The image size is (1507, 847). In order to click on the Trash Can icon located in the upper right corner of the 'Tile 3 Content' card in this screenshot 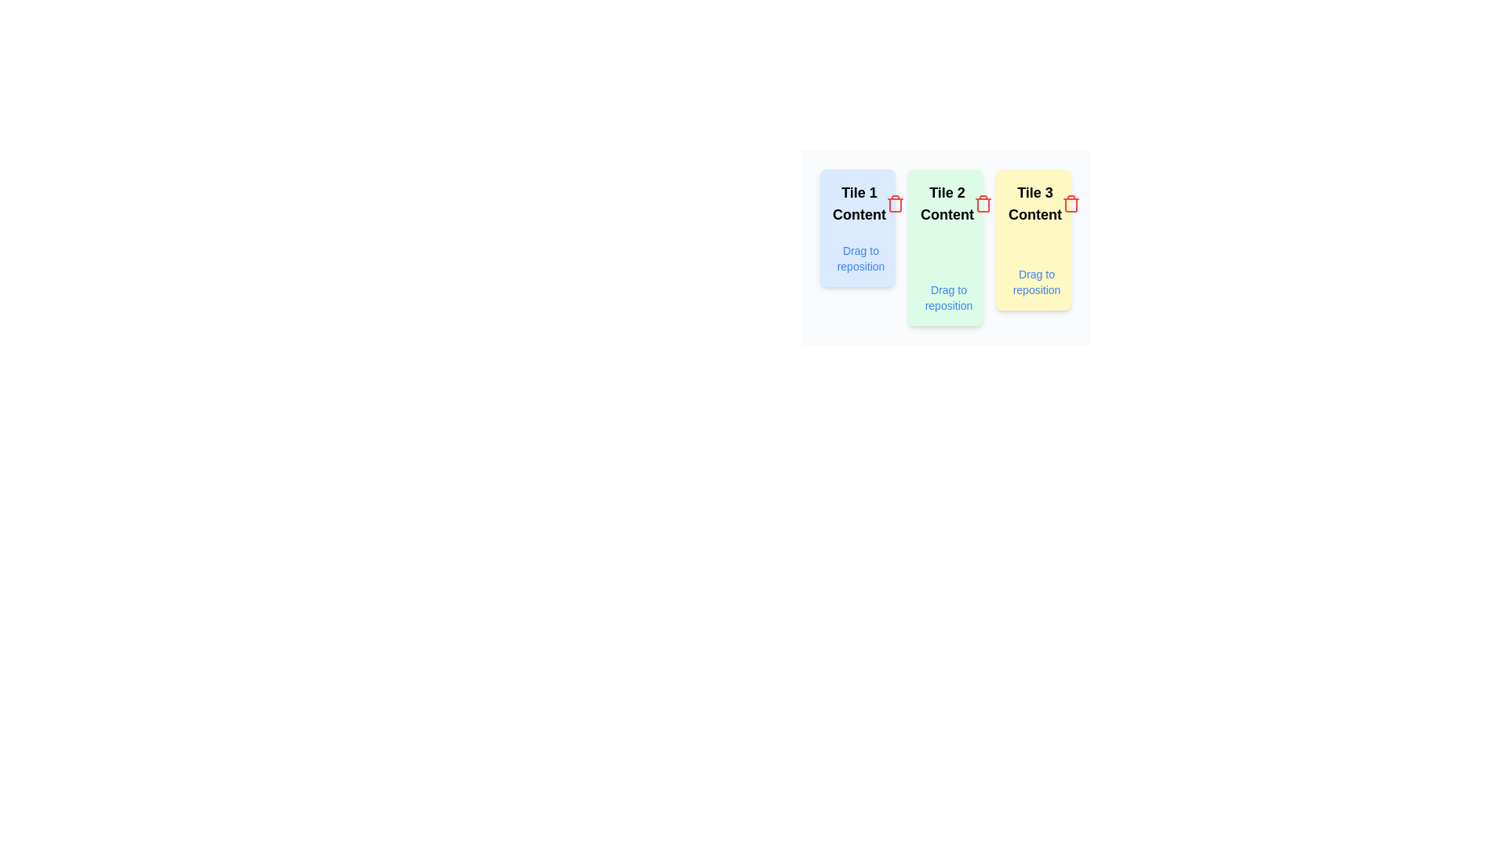, I will do `click(1070, 205)`.